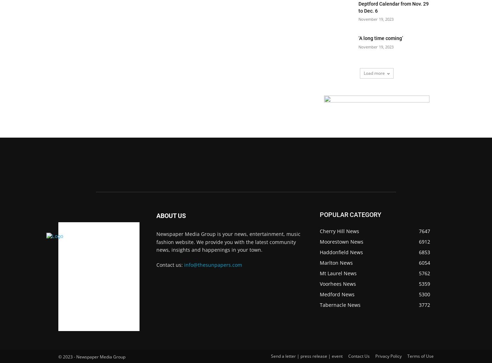 The width and height of the screenshot is (492, 363). I want to click on 'Contact Us', so click(359, 356).